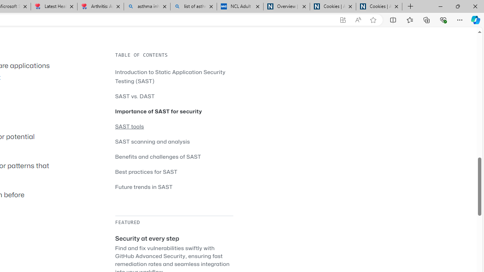 The image size is (484, 272). What do you see at coordinates (379, 6) in the screenshot?
I see `'Cookies | About | NICE'` at bounding box center [379, 6].